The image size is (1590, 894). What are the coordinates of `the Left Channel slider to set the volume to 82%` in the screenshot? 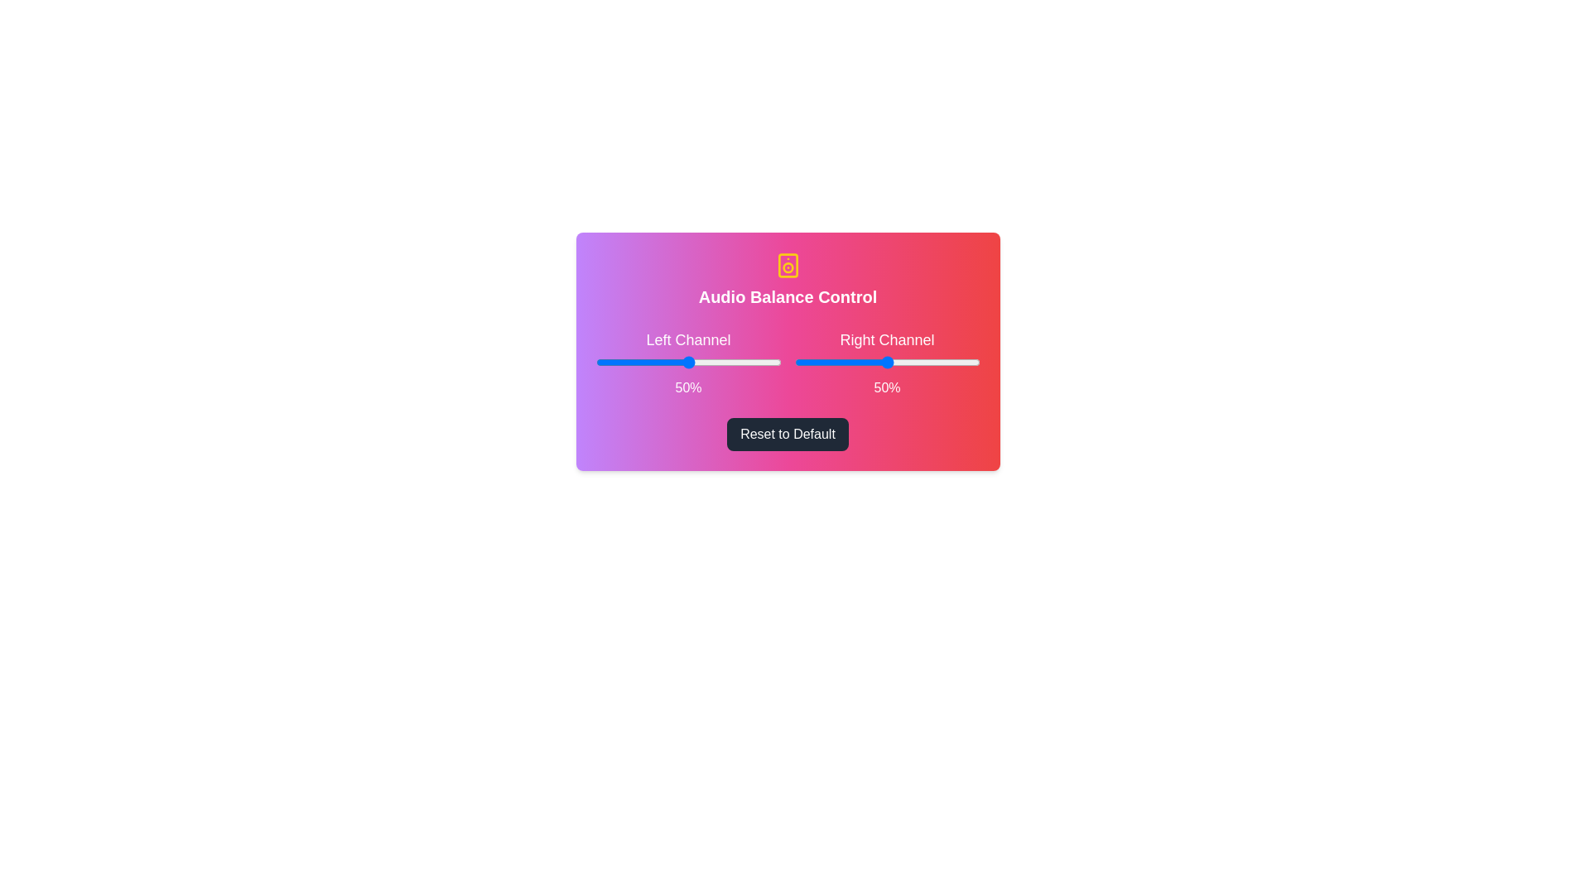 It's located at (747, 362).